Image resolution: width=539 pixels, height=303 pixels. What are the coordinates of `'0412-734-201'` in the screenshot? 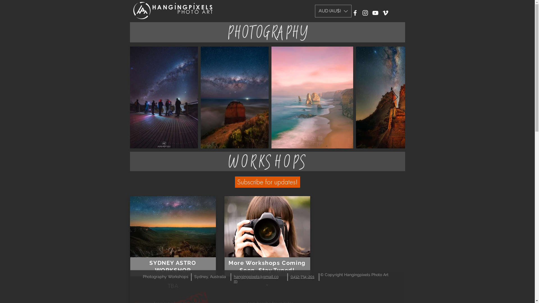 It's located at (302, 276).